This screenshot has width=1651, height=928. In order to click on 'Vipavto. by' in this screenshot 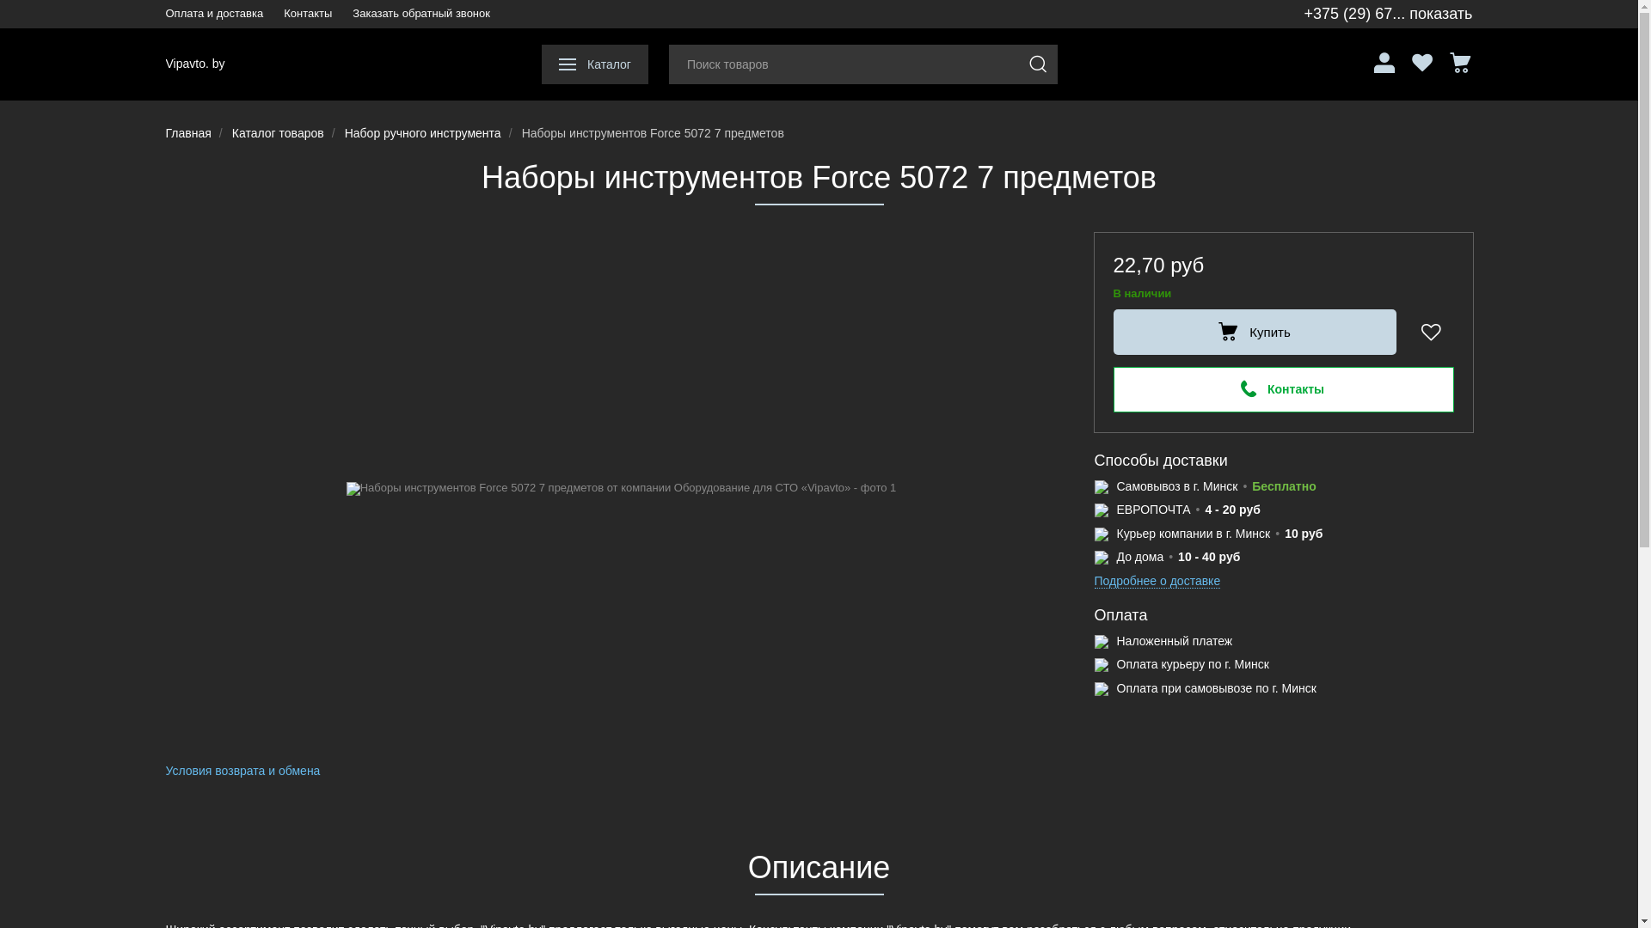, I will do `click(194, 63)`.